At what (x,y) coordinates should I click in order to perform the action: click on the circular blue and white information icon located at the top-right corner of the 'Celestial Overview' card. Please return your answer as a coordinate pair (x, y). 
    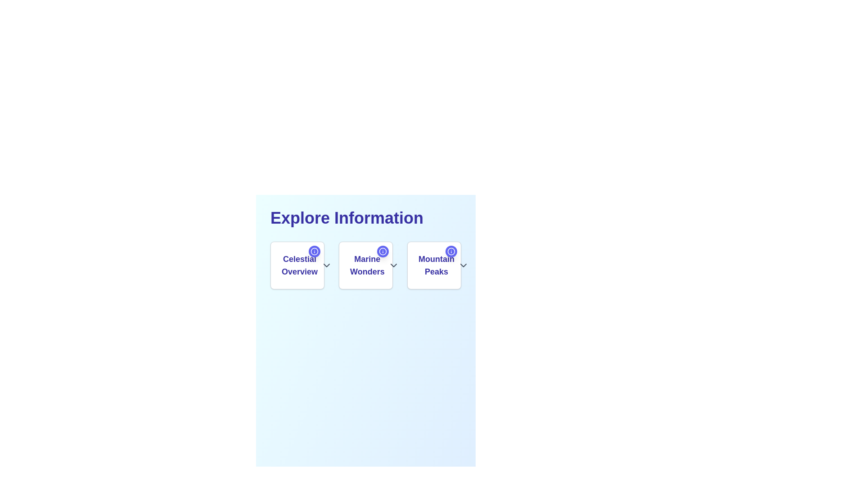
    Looking at the image, I should click on (315, 252).